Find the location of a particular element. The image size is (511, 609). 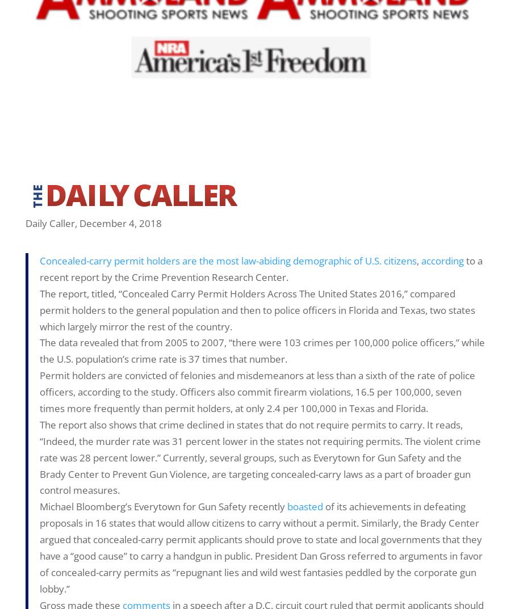

'to a recent report by the Crime Prevention Research Center.' is located at coordinates (260, 268).